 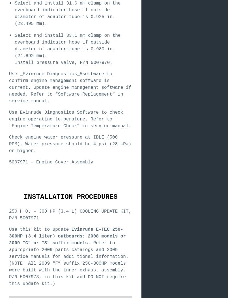 I want to click on '2008', so click(x=93, y=236).